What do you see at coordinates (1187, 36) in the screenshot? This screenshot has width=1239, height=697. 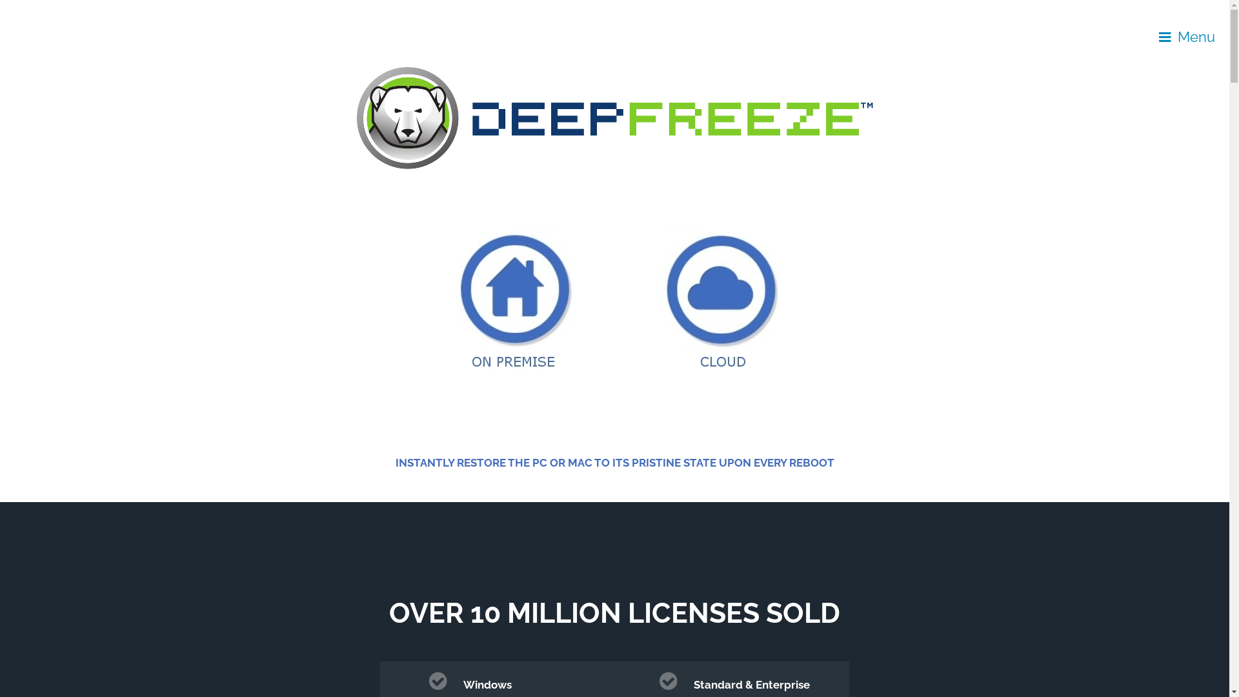 I see `'Menu'` at bounding box center [1187, 36].